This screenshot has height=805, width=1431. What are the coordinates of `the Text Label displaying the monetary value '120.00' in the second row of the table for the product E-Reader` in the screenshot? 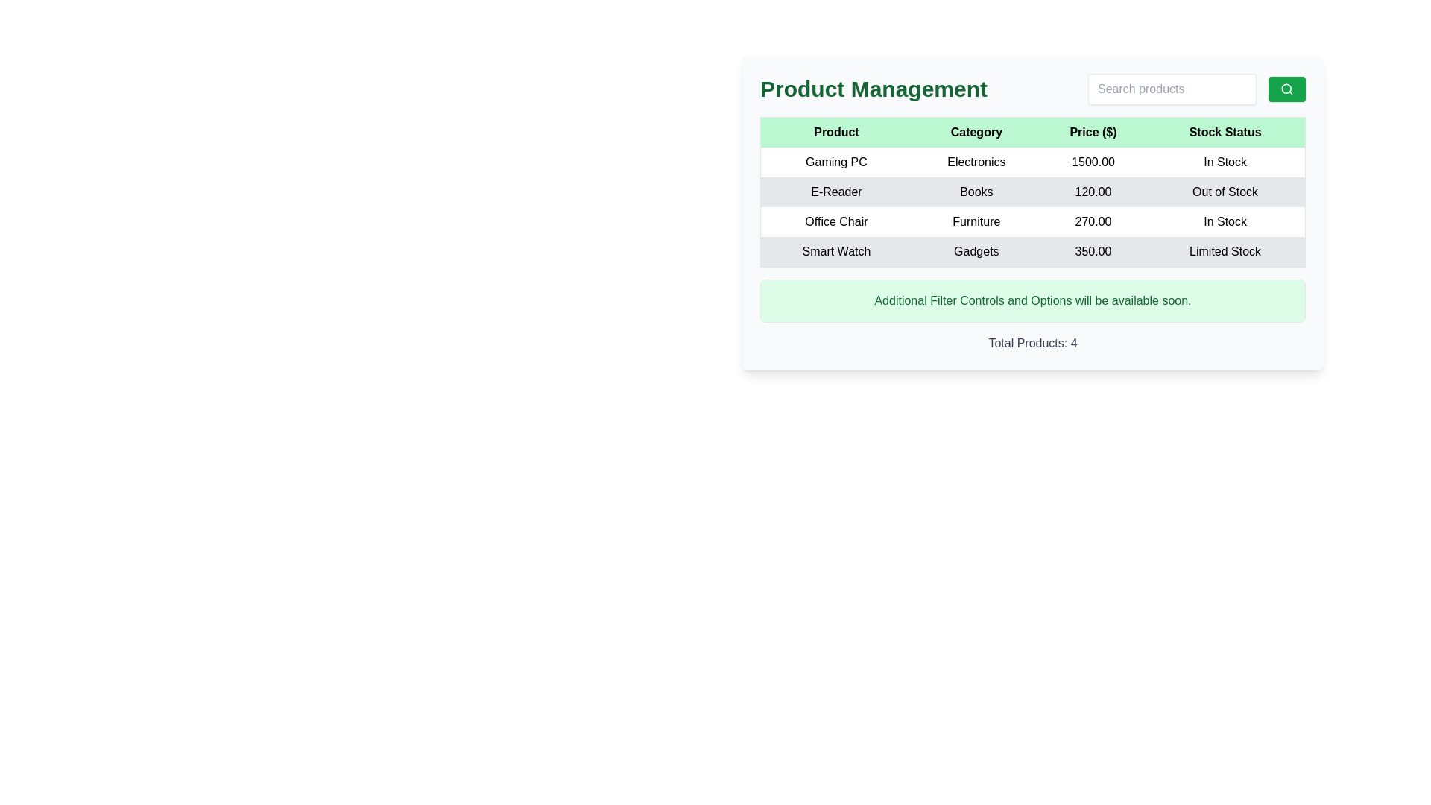 It's located at (1093, 192).